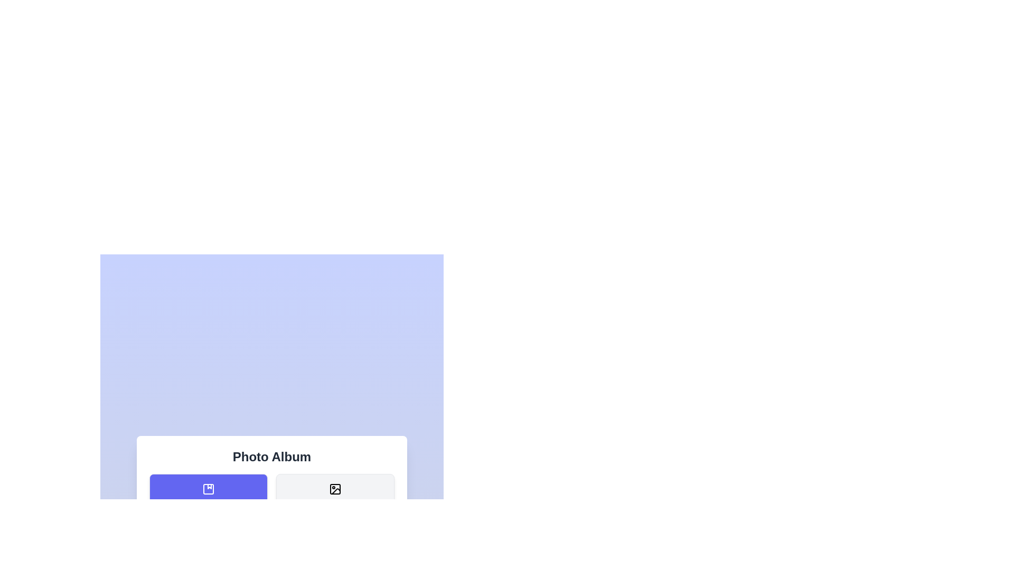 The image size is (1014, 570). I want to click on the menu button labeled Photos to view its hover effect, so click(334, 497).